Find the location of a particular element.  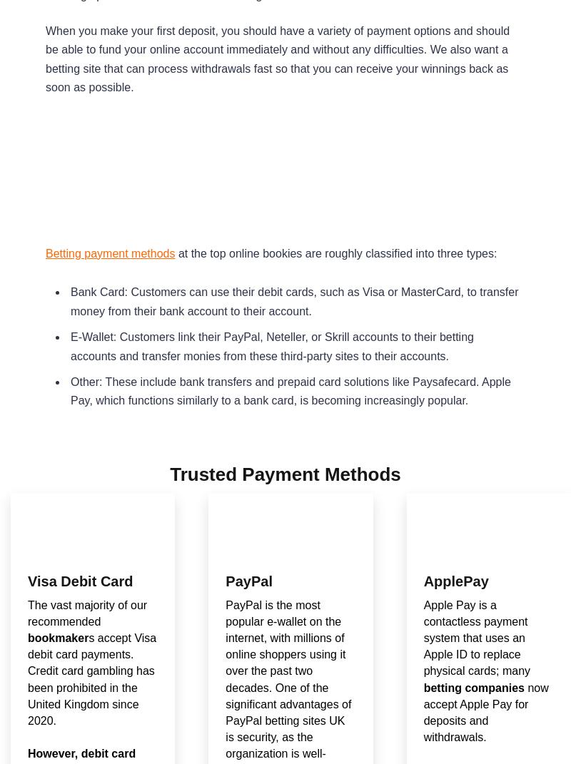

'Betting payment methods' is located at coordinates (45, 252).